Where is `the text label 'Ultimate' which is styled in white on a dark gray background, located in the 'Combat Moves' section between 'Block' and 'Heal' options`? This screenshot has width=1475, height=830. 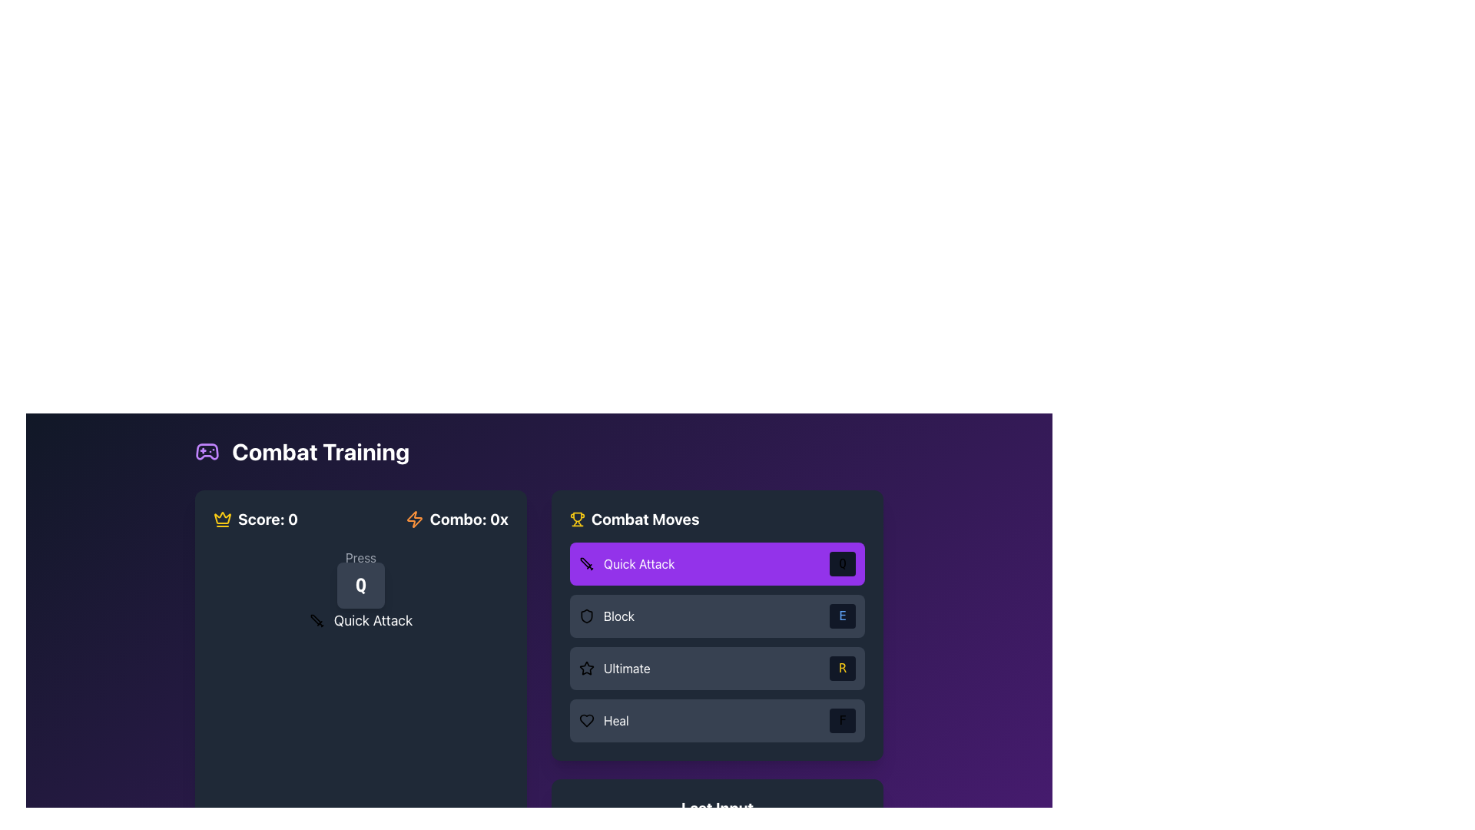 the text label 'Ultimate' which is styled in white on a dark gray background, located in the 'Combat Moves' section between 'Block' and 'Heal' options is located at coordinates (627, 668).